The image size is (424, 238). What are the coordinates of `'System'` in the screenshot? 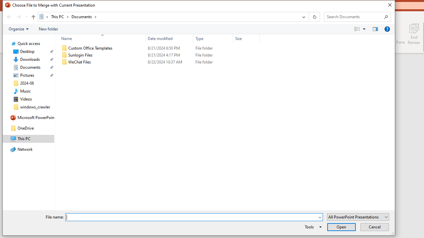 It's located at (6, 6).